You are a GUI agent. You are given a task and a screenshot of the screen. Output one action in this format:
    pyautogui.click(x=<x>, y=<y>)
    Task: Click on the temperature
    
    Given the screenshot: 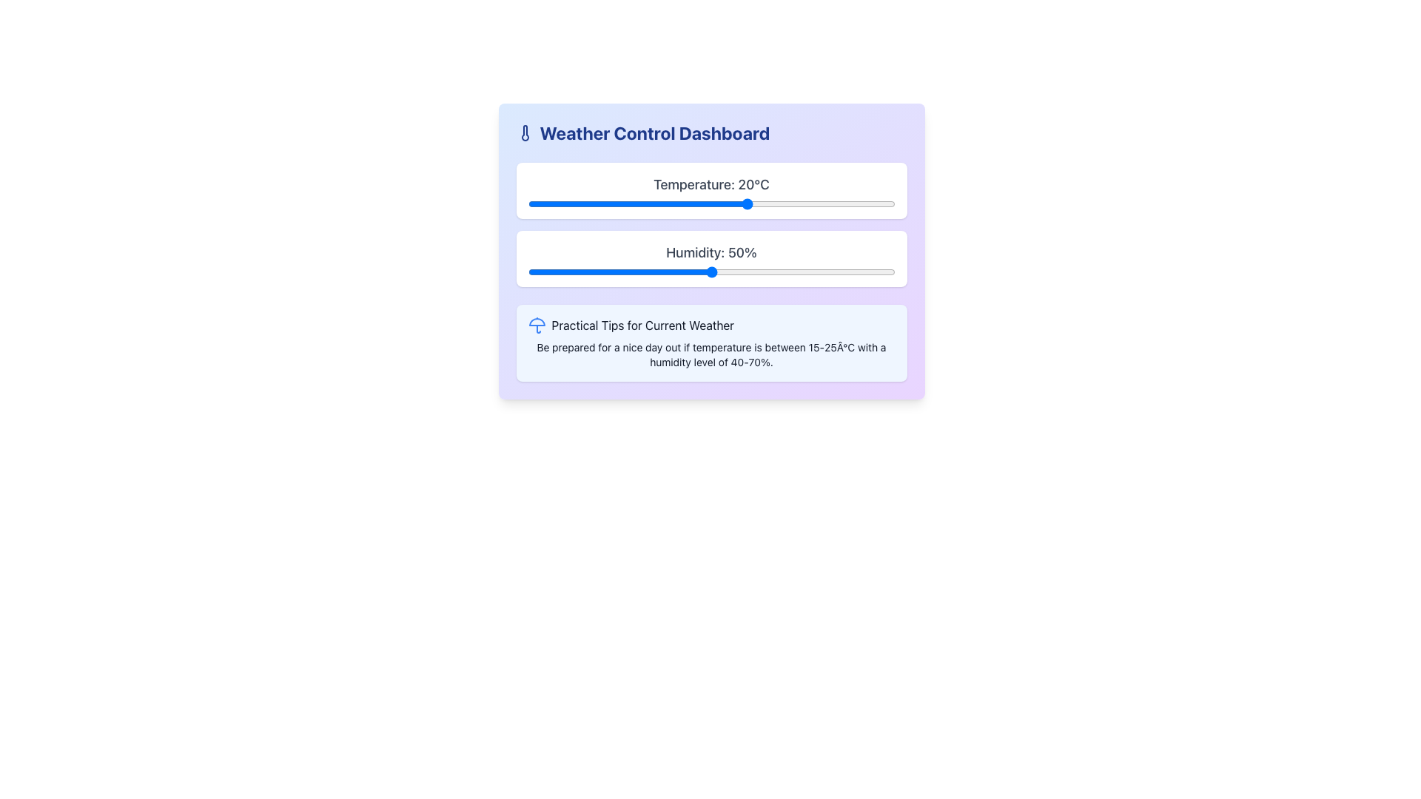 What is the action you would take?
    pyautogui.click(x=659, y=204)
    